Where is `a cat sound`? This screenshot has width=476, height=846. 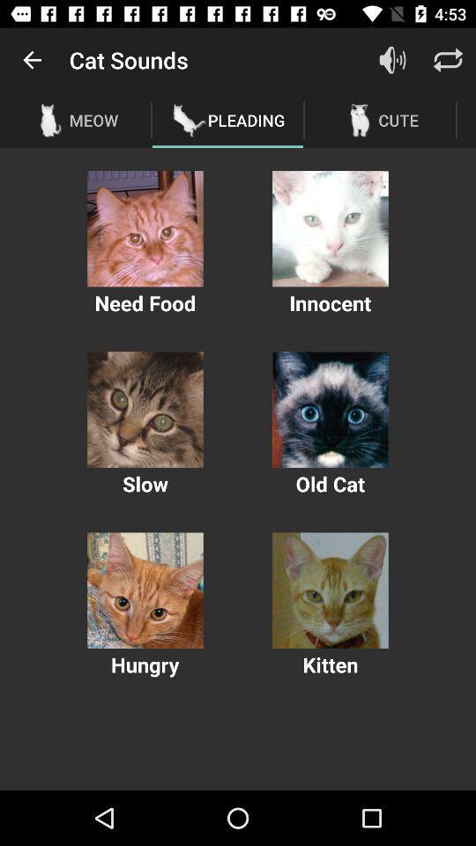 a cat sound is located at coordinates (145, 227).